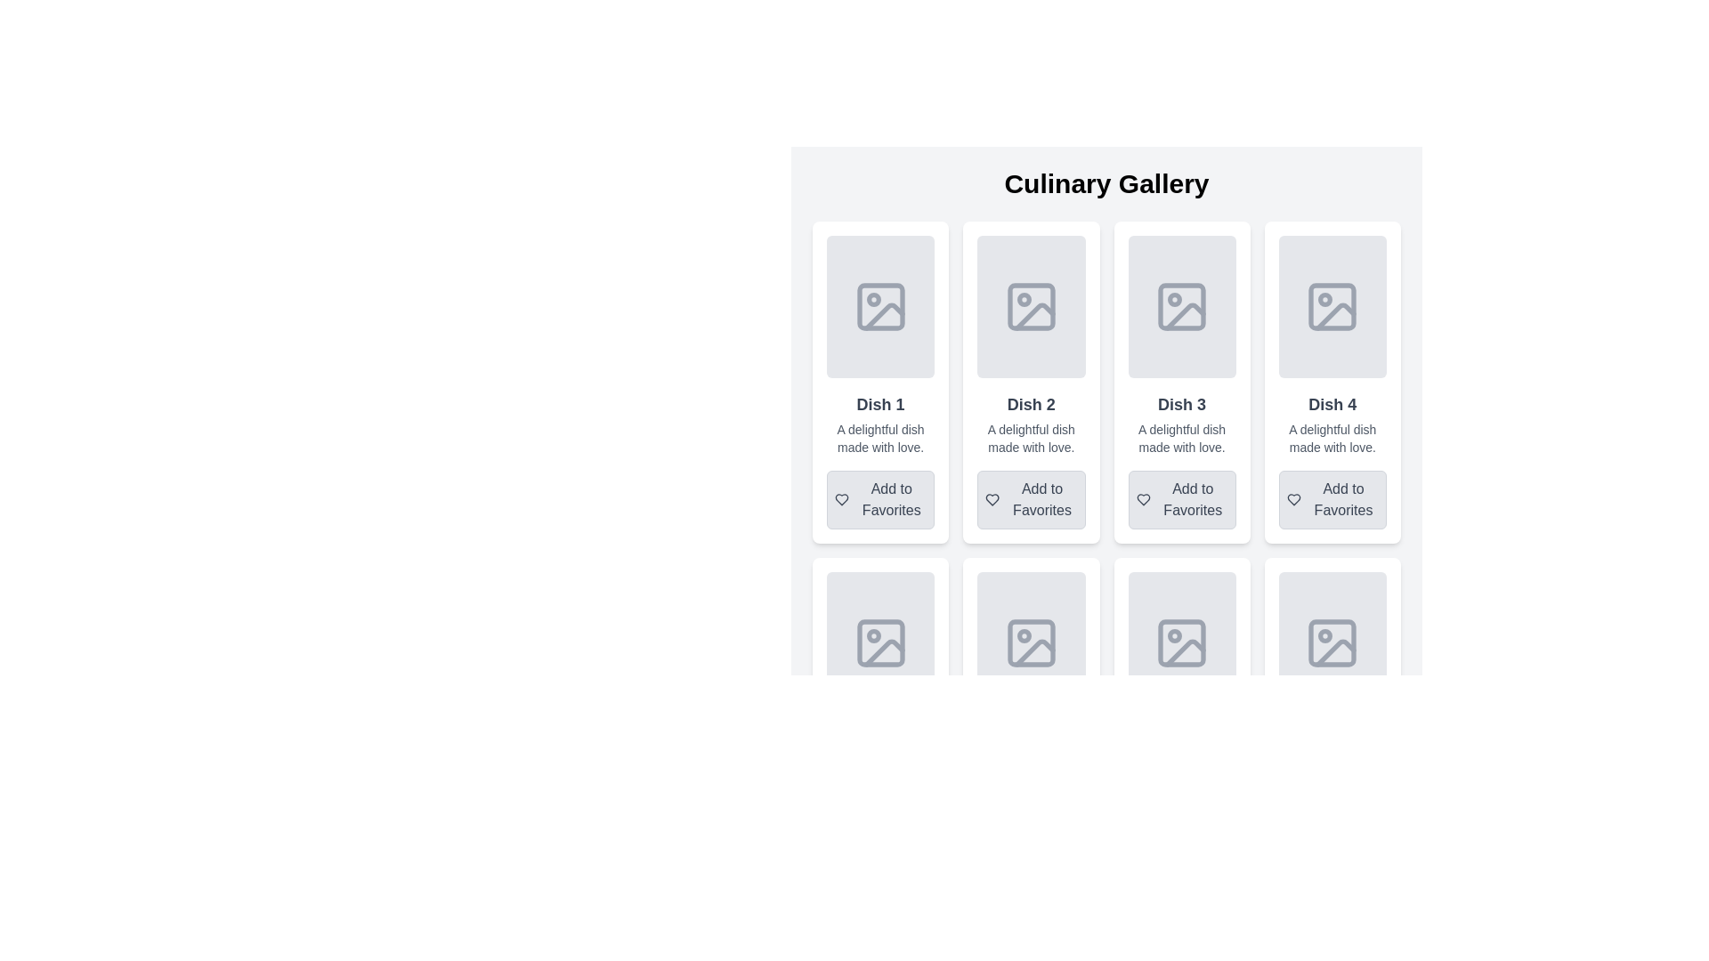 The height and width of the screenshot is (961, 1709). I want to click on the graphical icon (circle) within the SVG that indicates a specific state or feature, located near the upper-left of the 'Dish 1' card, so click(873, 298).